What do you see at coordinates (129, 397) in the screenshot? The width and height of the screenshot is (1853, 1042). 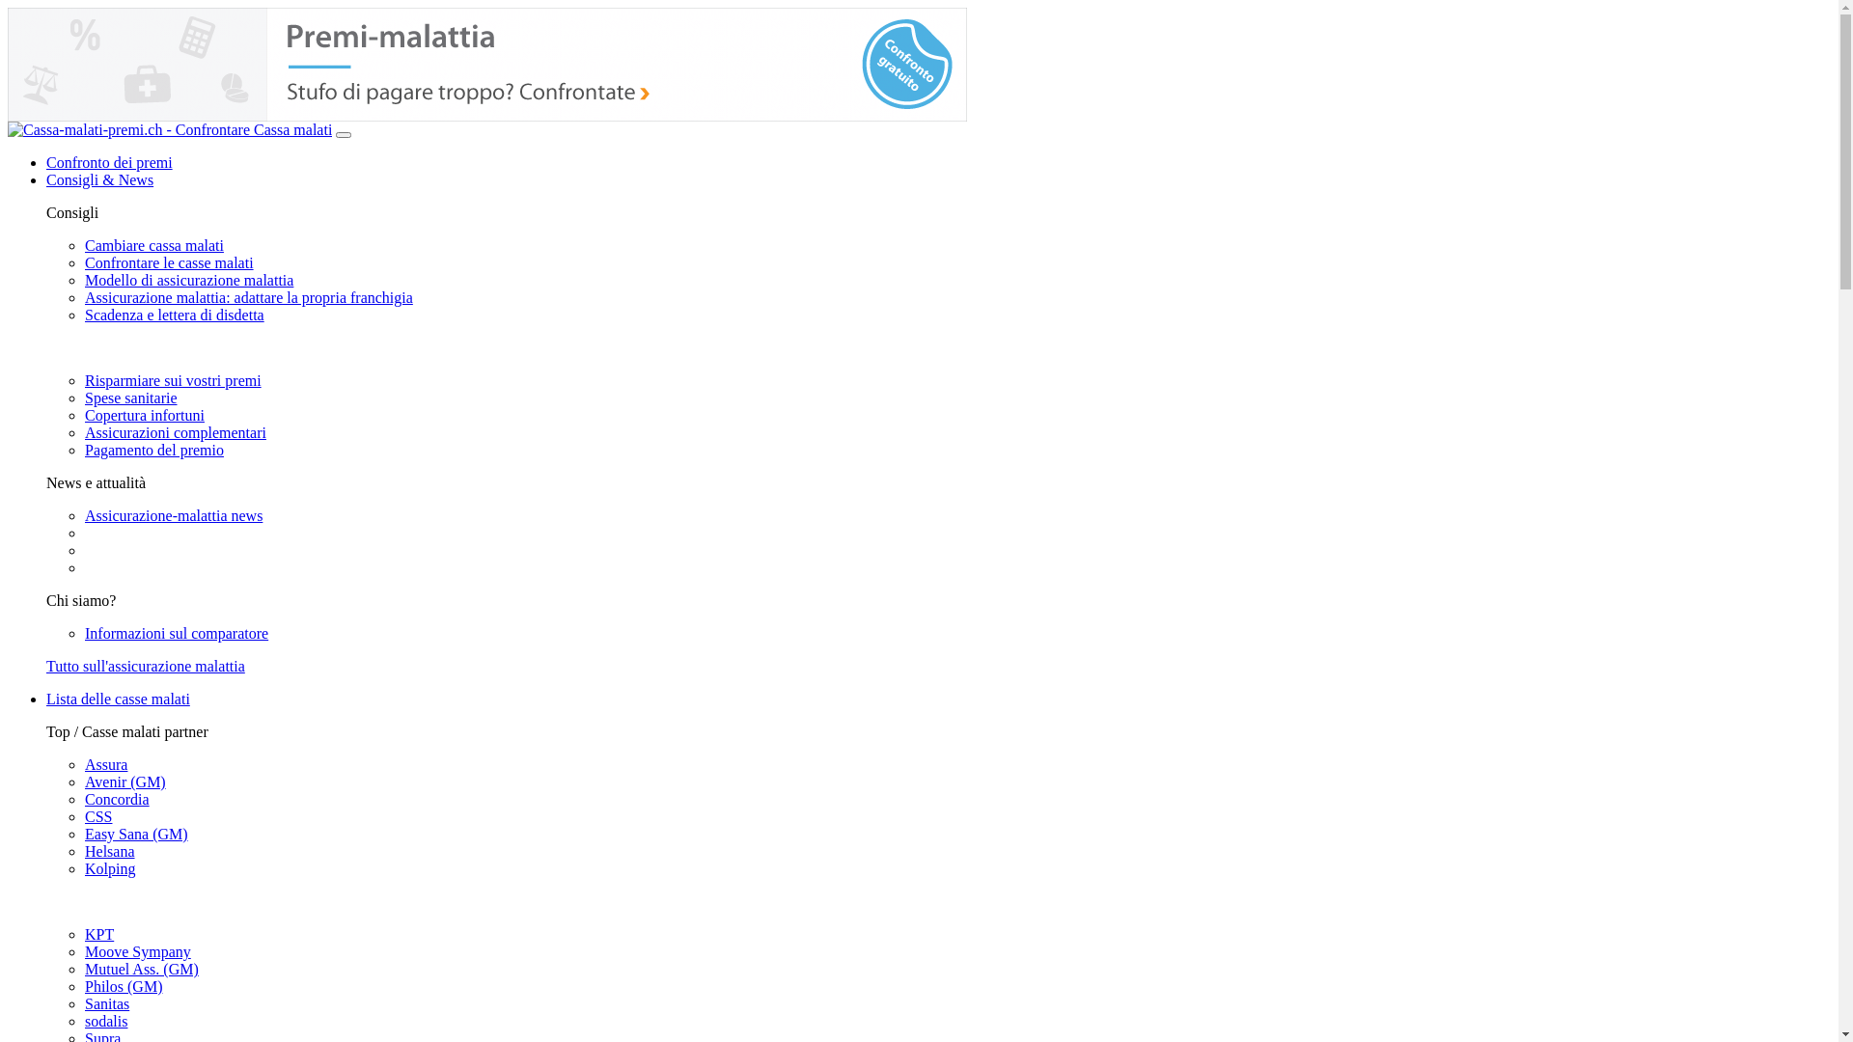 I see `'Spese sanitarie'` at bounding box center [129, 397].